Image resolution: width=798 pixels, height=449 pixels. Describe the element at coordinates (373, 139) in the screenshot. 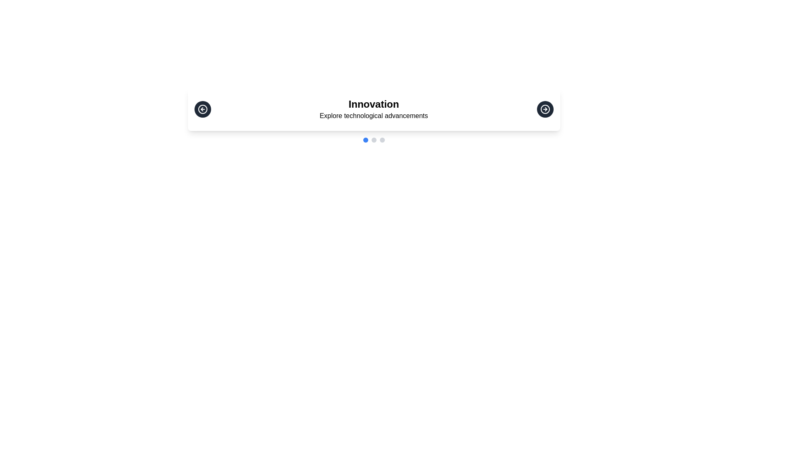

I see `the middle circle indicator located centrally at the bottom of the section with the text 'Innovation Explore technological advancements'` at that location.